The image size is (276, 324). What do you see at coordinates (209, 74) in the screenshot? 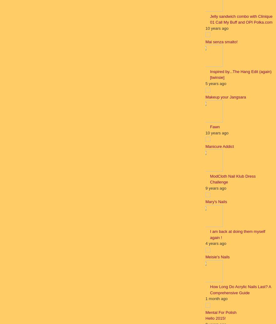
I see `'Inspired by...The Hang Edit (again) [twinsie]'` at bounding box center [209, 74].